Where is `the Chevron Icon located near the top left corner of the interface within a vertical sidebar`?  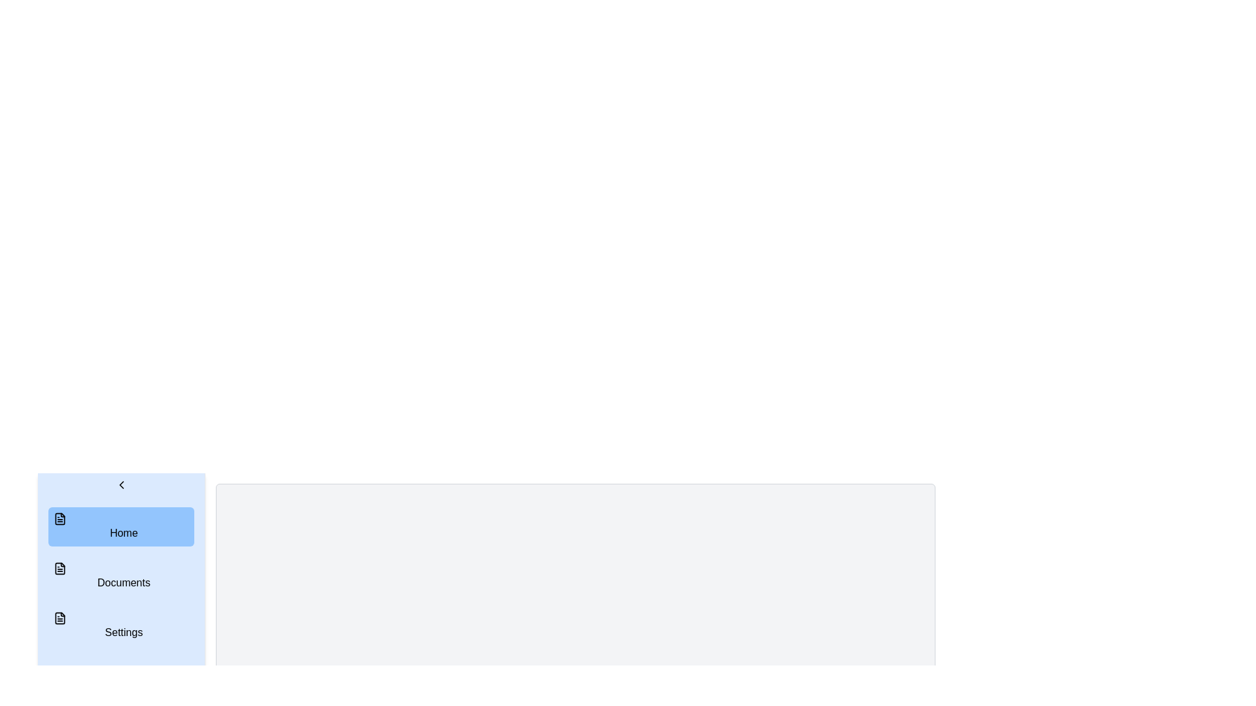 the Chevron Icon located near the top left corner of the interface within a vertical sidebar is located at coordinates (121, 484).